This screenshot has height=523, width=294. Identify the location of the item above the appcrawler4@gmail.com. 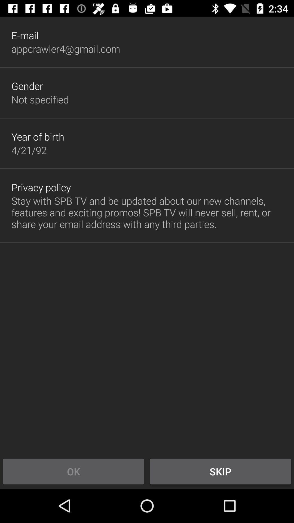
(25, 35).